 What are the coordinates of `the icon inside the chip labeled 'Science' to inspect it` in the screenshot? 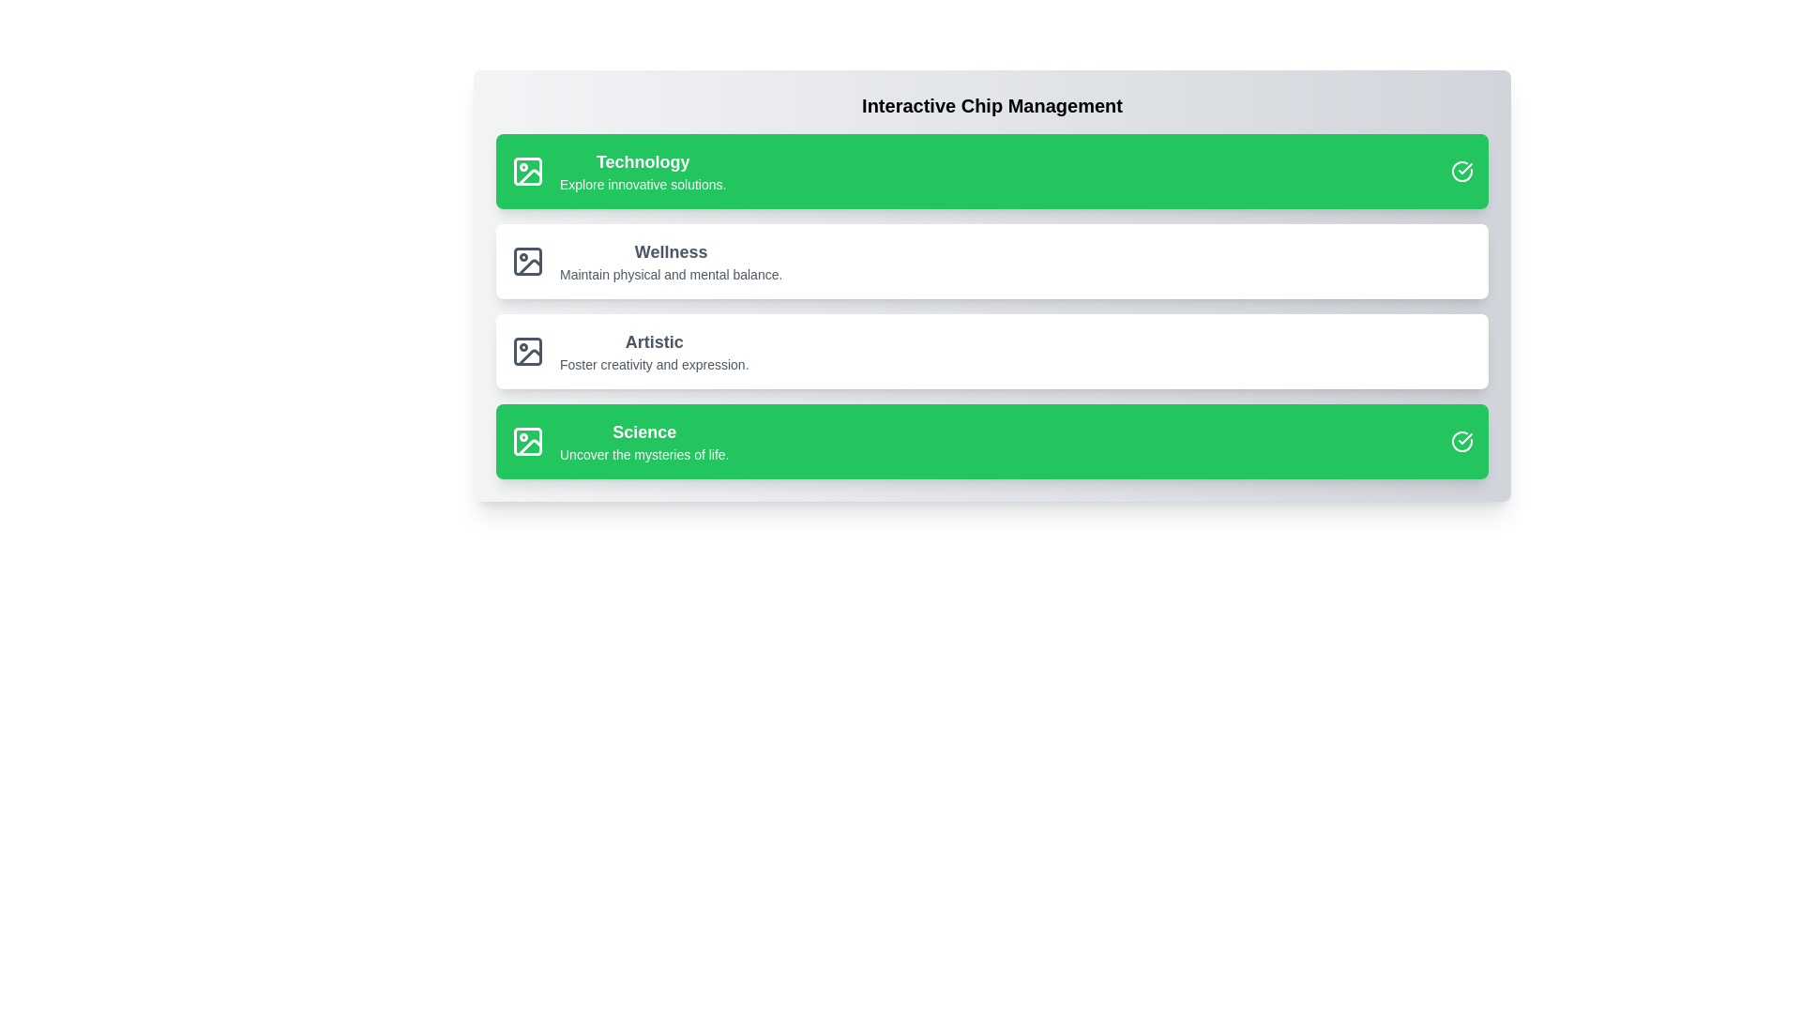 It's located at (526, 441).